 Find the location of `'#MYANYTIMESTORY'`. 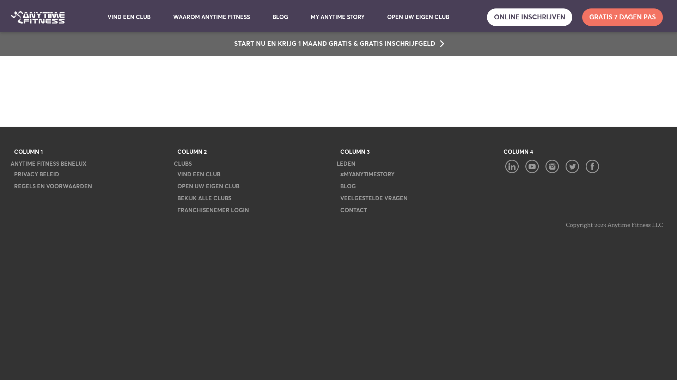

'#MYANYTIMESTORY' is located at coordinates (336, 174).